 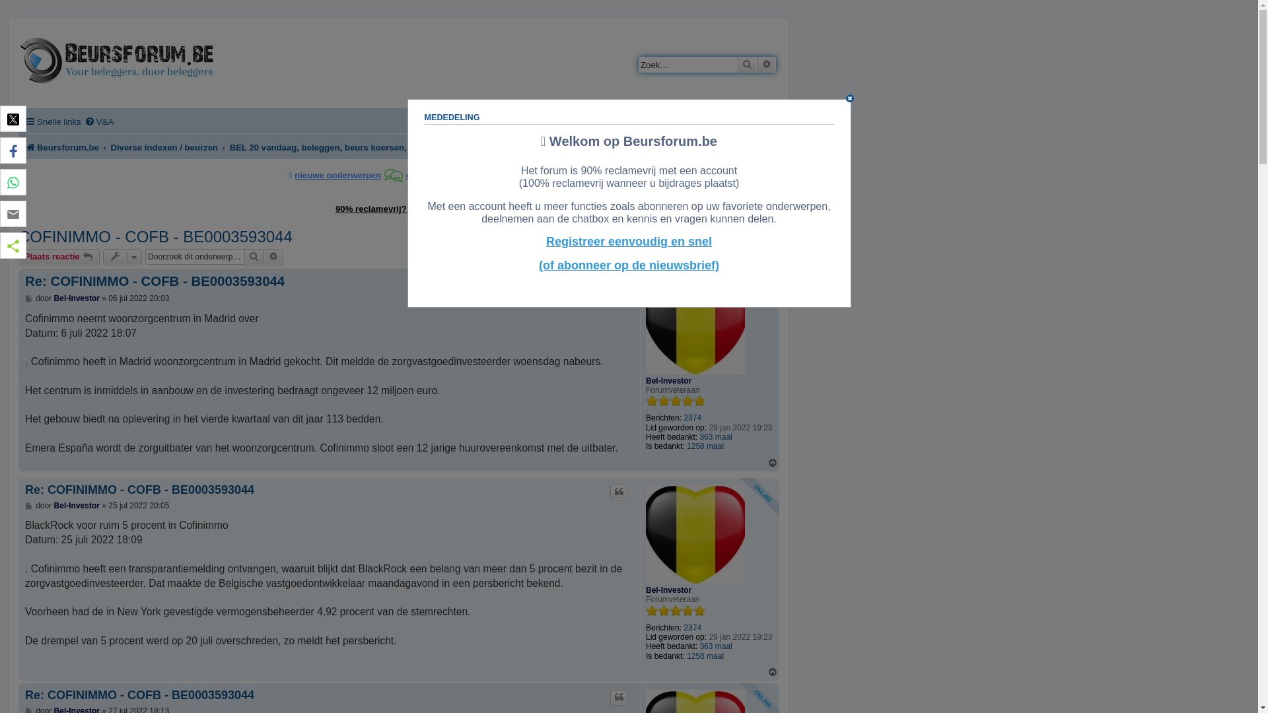 I want to click on '(of abonneer op de nieuwsbrief)', so click(x=628, y=265).